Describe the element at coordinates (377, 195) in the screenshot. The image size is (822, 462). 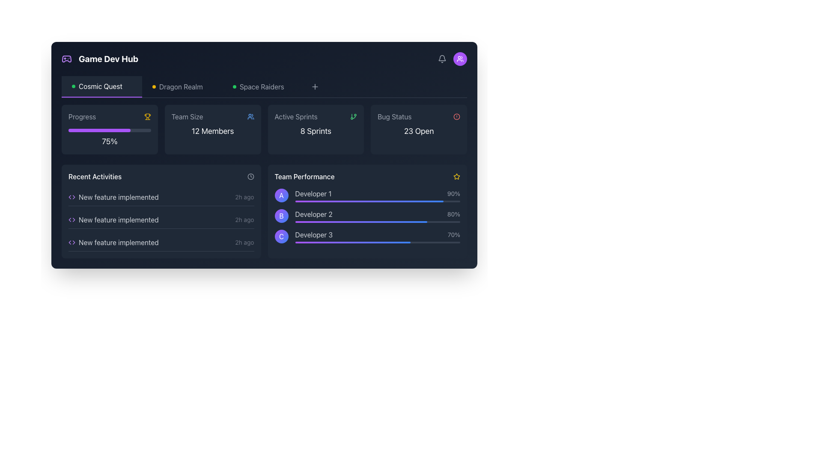
I see `the progress bar indicating 90% for 'Developer 1'` at that location.